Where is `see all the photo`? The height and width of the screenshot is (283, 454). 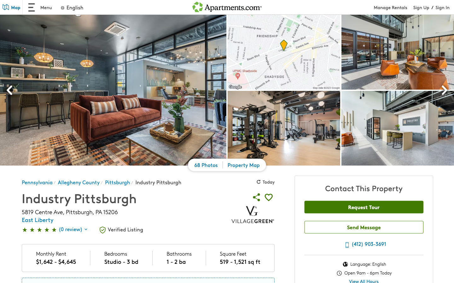 see all the photo is located at coordinates (206, 166).